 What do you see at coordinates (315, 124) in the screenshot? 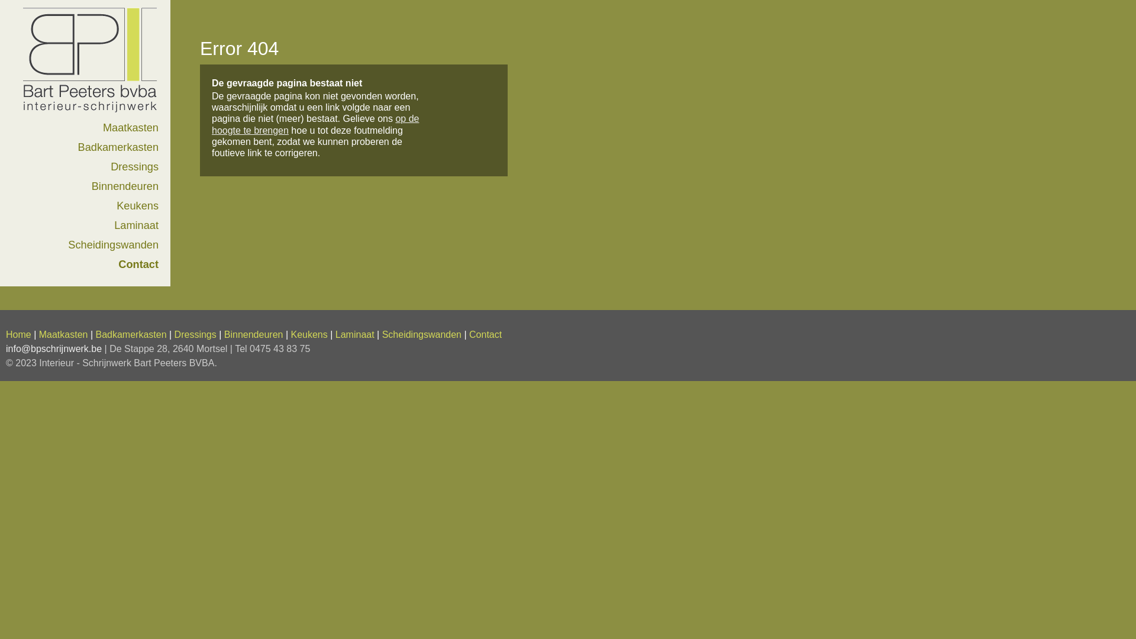
I see `'op de hoogte te brengen'` at bounding box center [315, 124].